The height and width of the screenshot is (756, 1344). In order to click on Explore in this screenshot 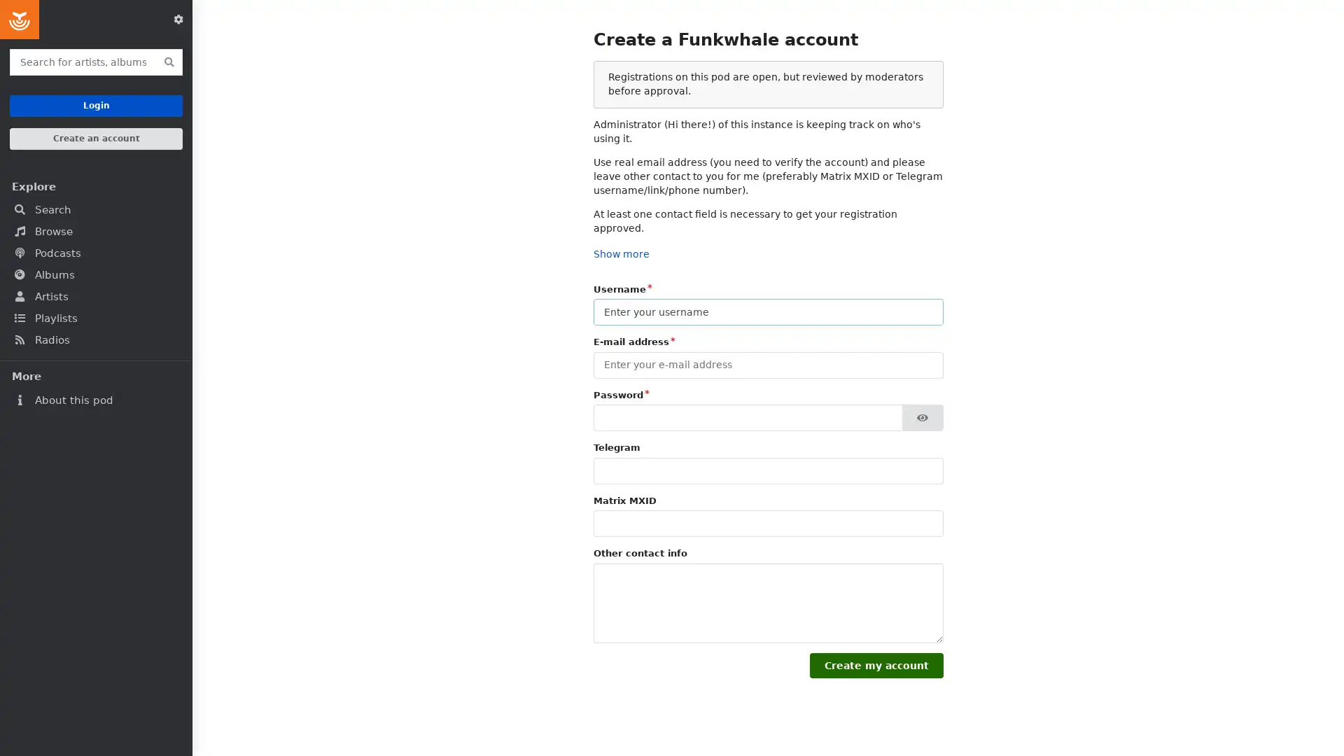, I will do `click(95, 185)`.